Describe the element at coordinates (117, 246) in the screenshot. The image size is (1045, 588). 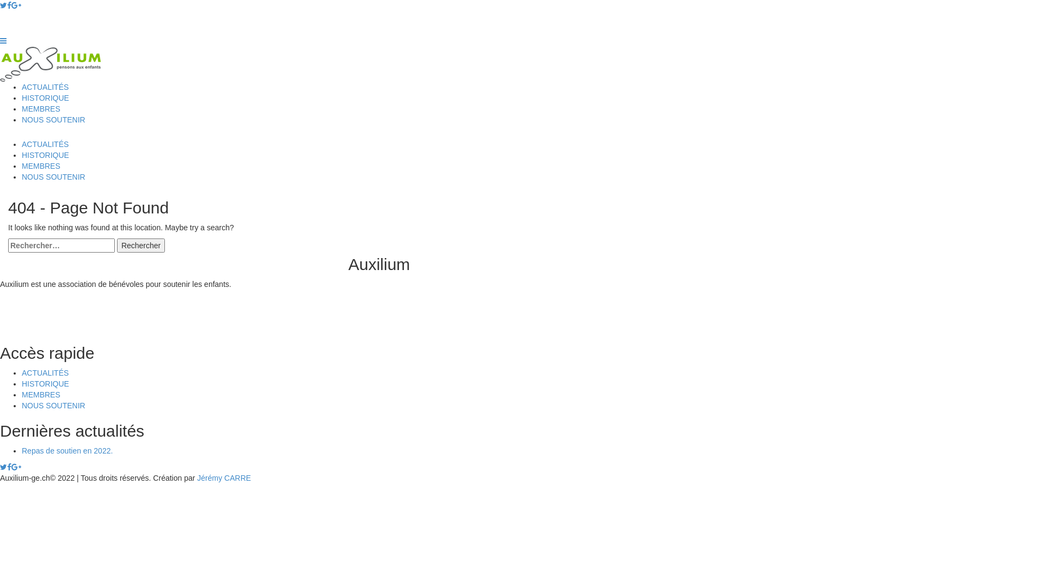
I see `'Rechercher'` at that location.